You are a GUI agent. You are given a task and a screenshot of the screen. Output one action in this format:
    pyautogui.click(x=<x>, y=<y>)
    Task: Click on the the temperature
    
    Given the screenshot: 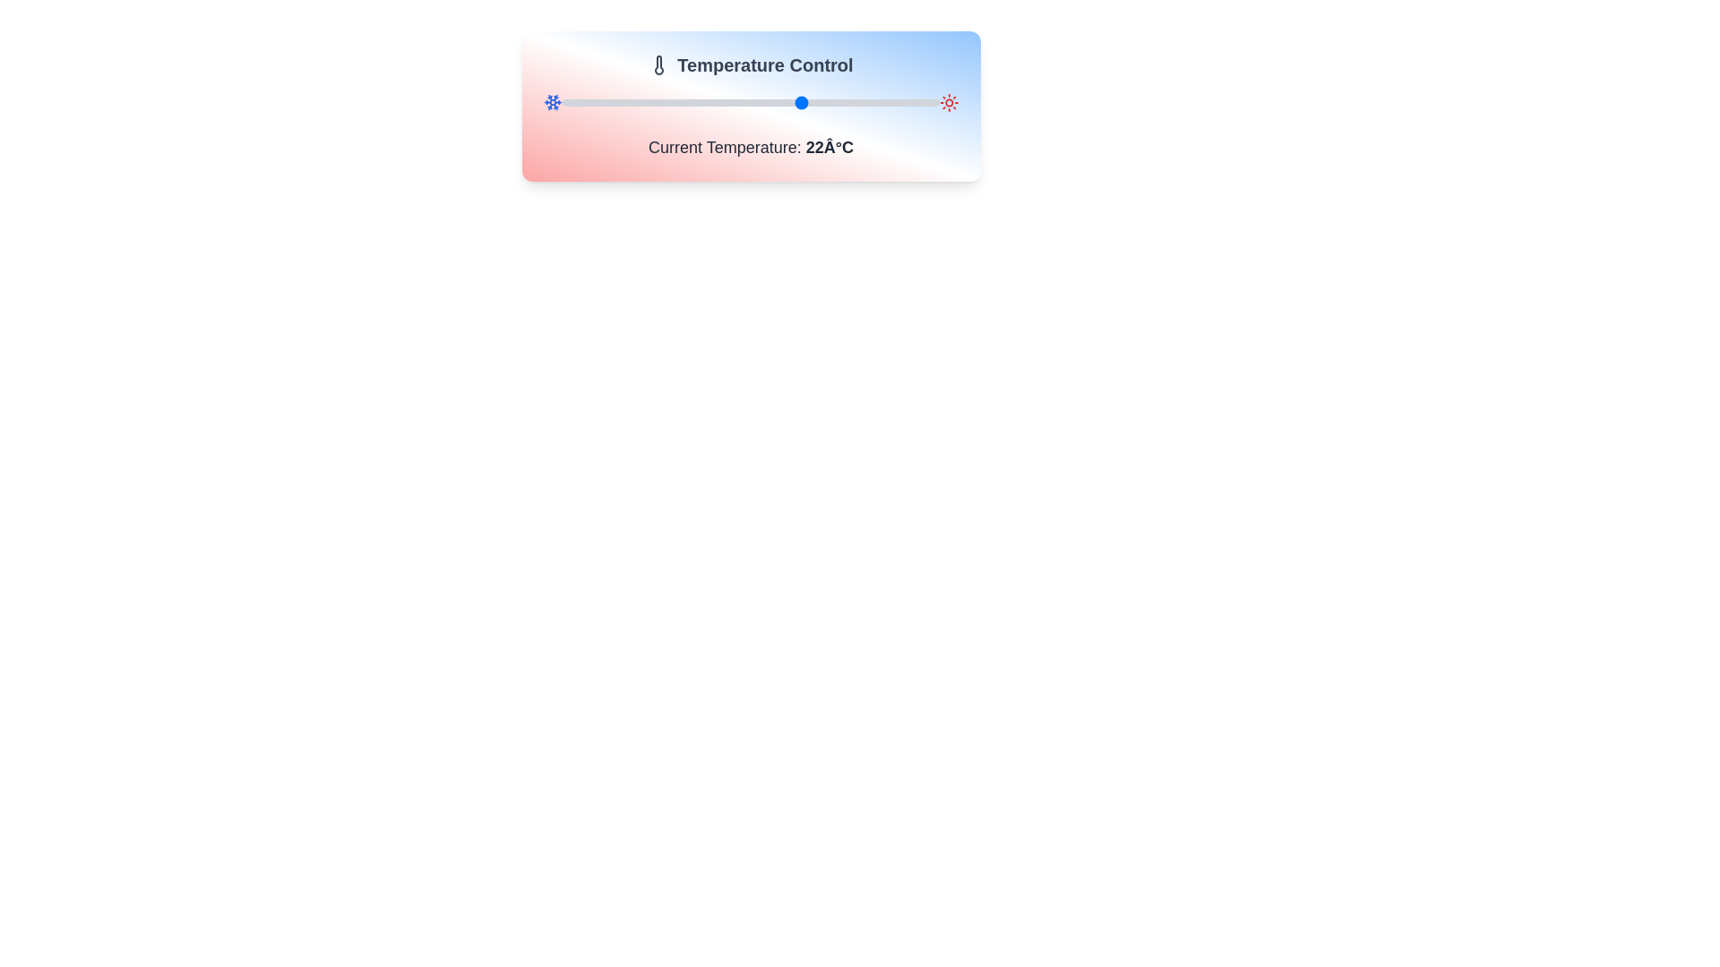 What is the action you would take?
    pyautogui.click(x=847, y=103)
    